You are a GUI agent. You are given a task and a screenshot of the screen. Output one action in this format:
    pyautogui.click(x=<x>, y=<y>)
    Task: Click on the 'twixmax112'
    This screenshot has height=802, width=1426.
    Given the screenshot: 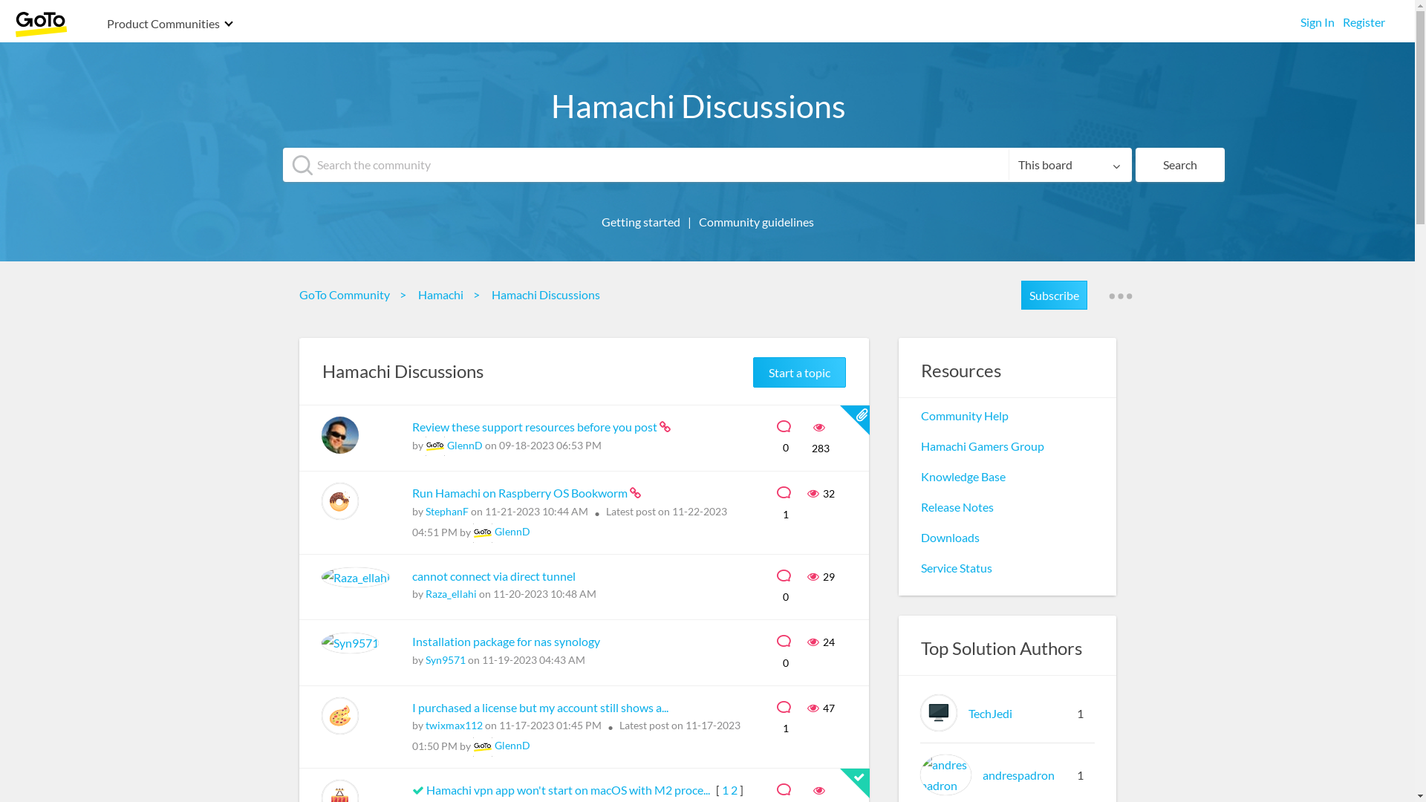 What is the action you would take?
    pyautogui.click(x=452, y=724)
    